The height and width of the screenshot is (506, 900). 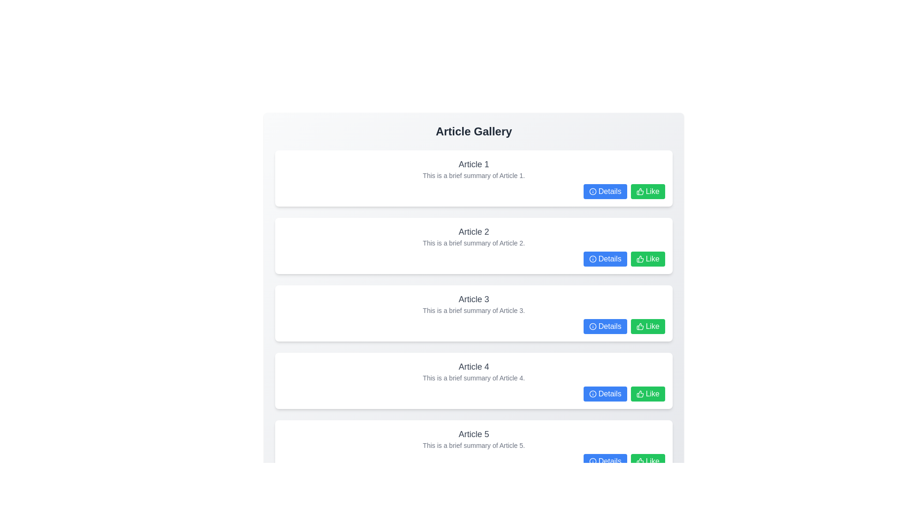 What do you see at coordinates (605, 259) in the screenshot?
I see `the button located in the second row on the right side of the row` at bounding box center [605, 259].